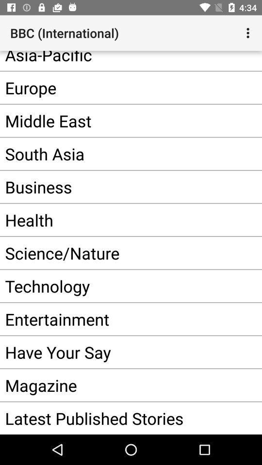  Describe the element at coordinates (116, 186) in the screenshot. I see `the item above health app` at that location.